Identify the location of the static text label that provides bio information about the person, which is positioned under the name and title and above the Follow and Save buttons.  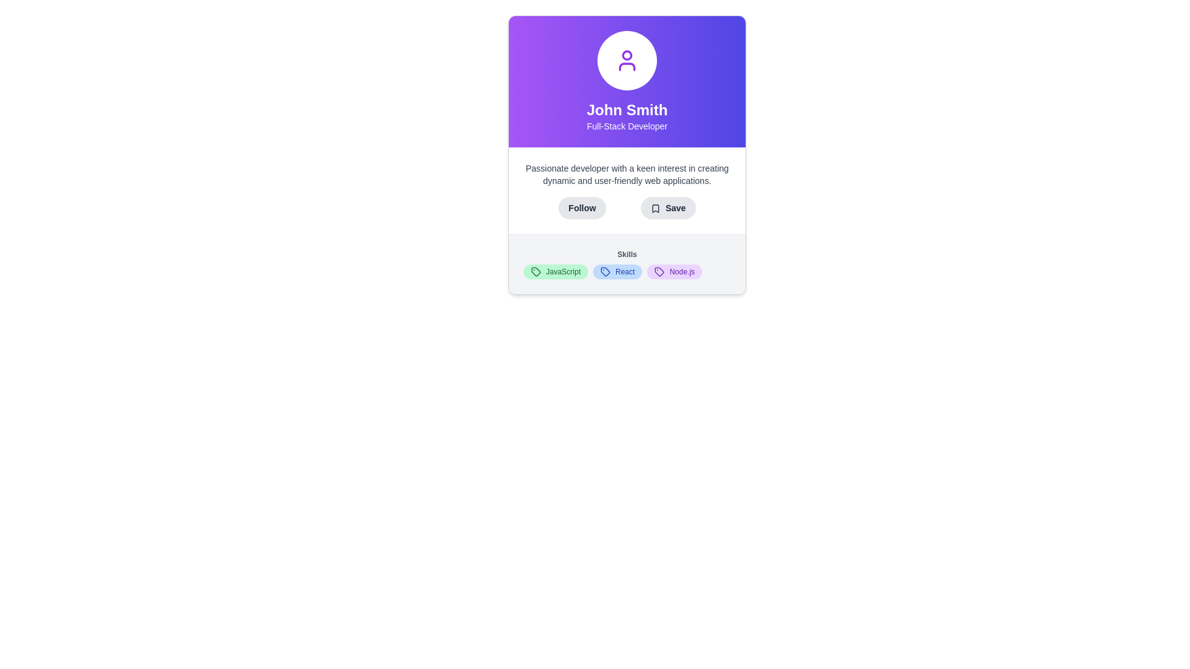
(627, 174).